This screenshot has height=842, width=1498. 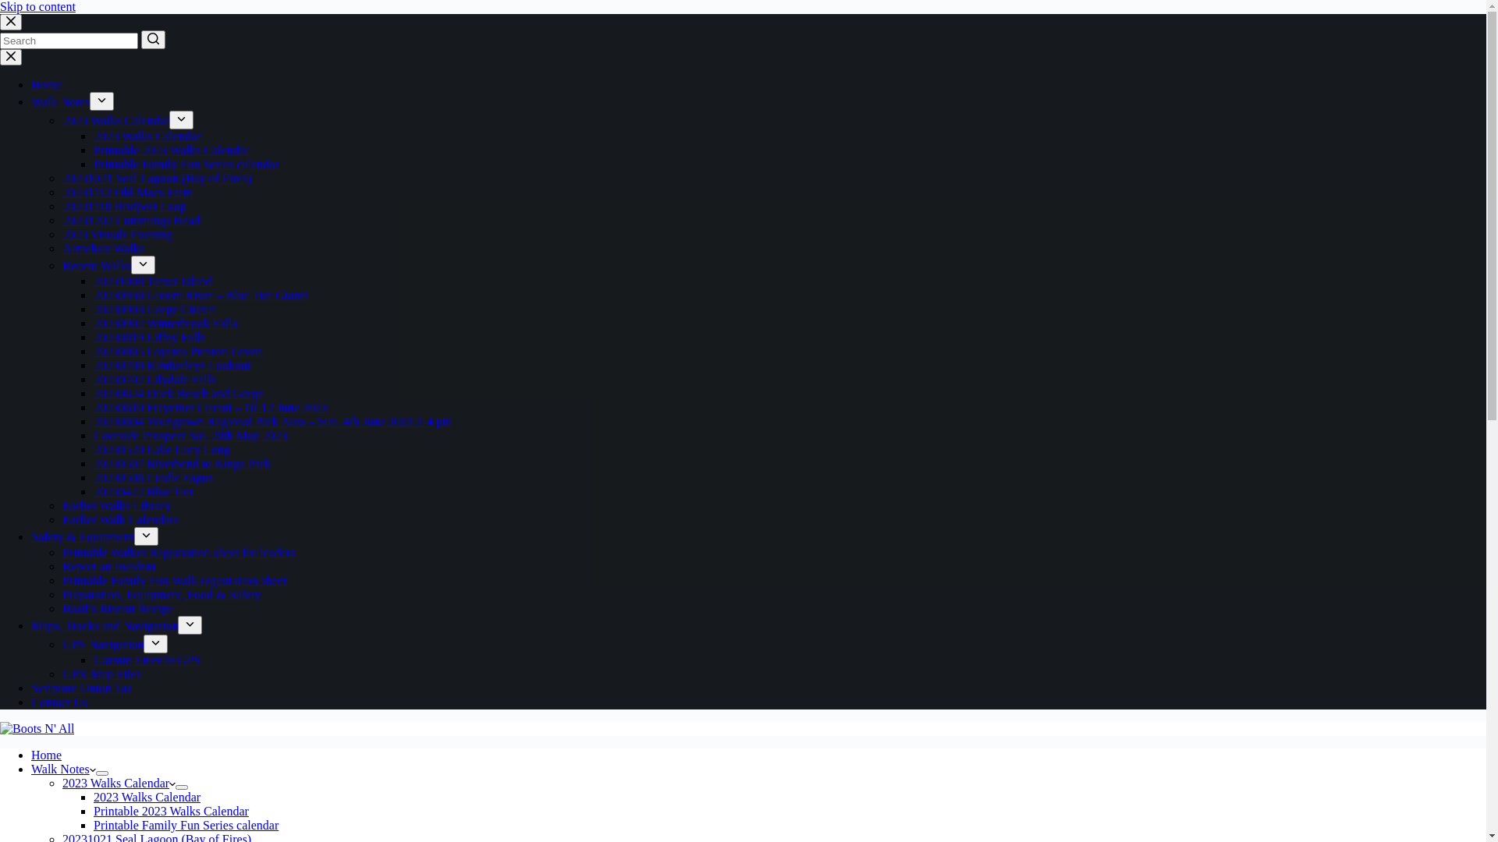 What do you see at coordinates (177, 351) in the screenshot?
I see `'20230805 Loyetea Preston Leven'` at bounding box center [177, 351].